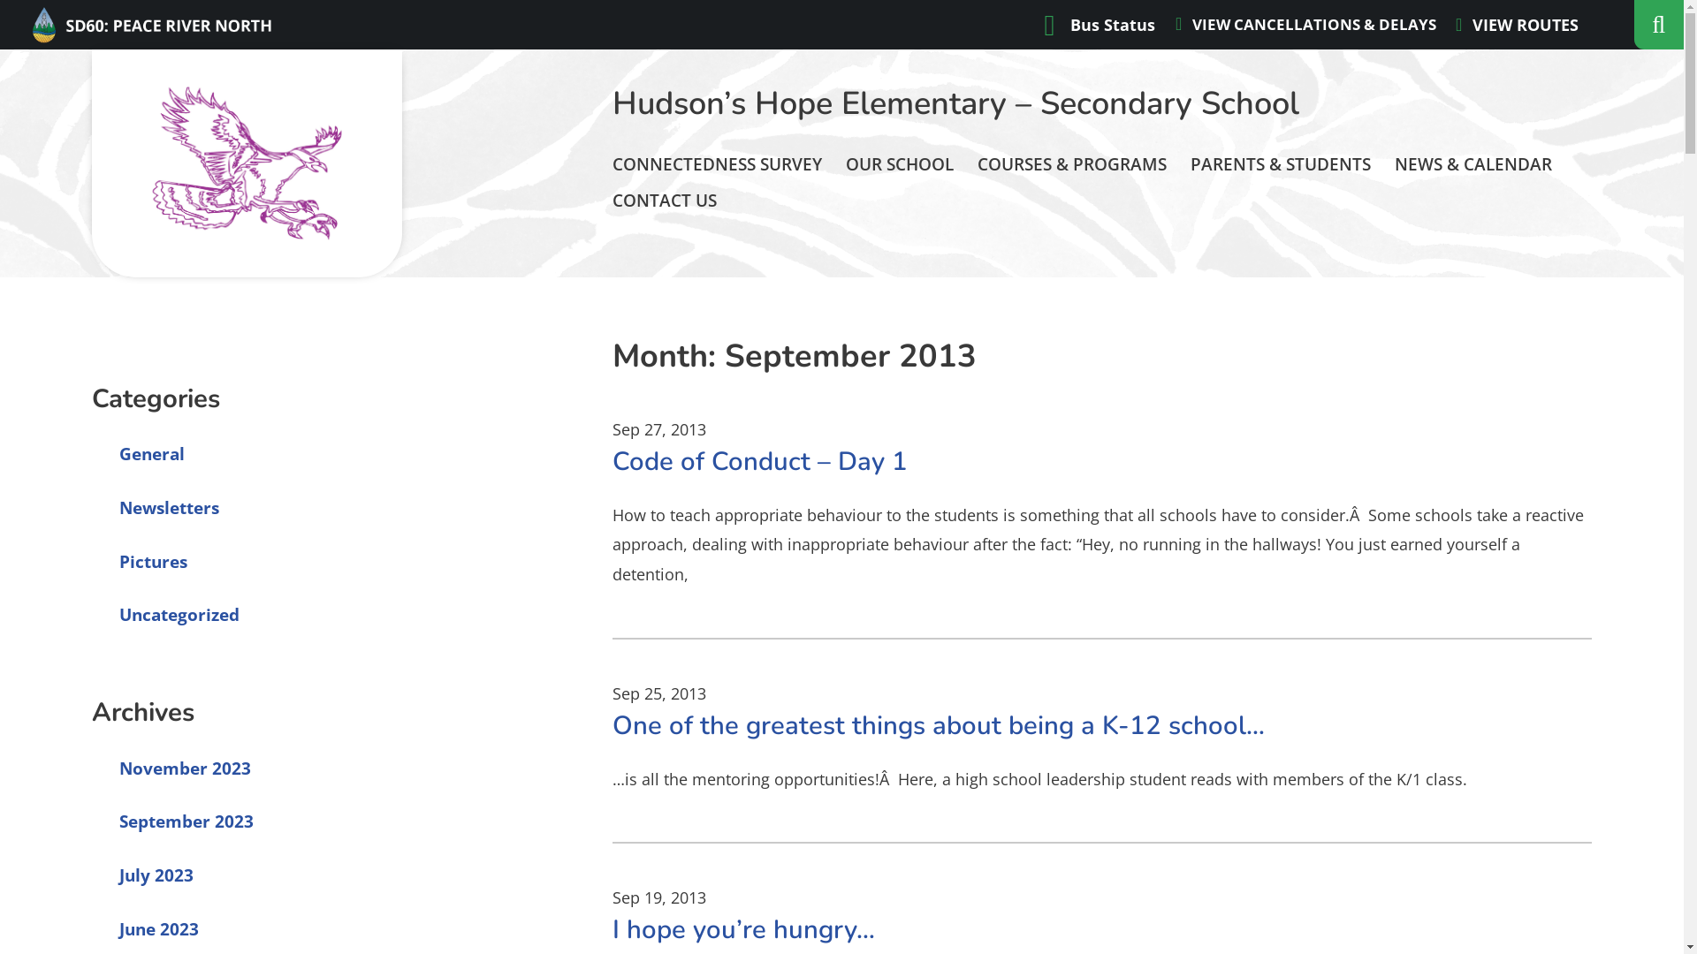 The height and width of the screenshot is (954, 1697). I want to click on 'Uncategorized', so click(91, 613).